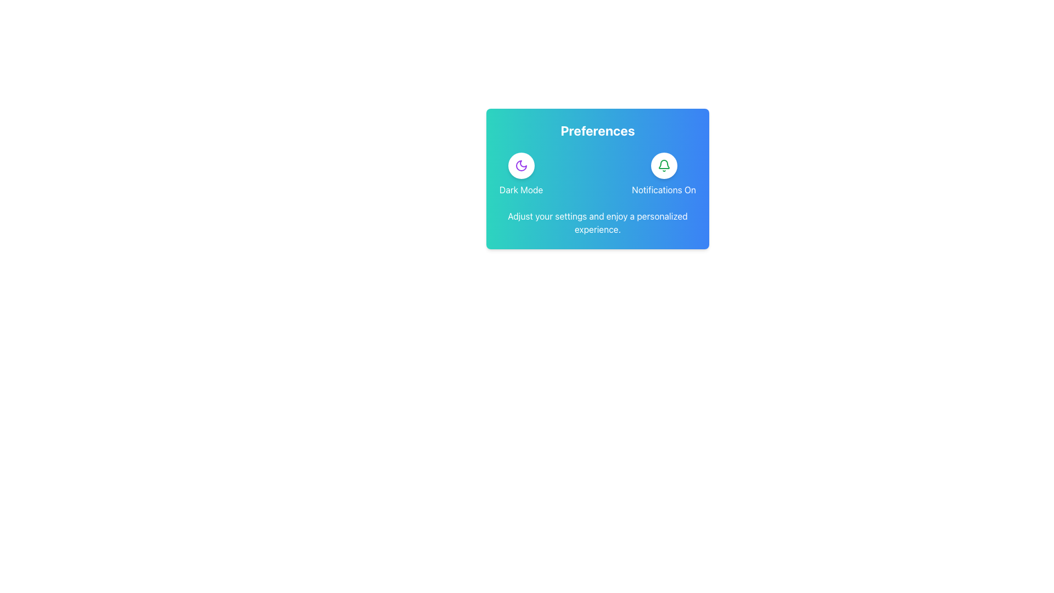 This screenshot has width=1054, height=593. What do you see at coordinates (663, 165) in the screenshot?
I see `the notification toggle button located in the 'Preferences' box, which is the second button from the left` at bounding box center [663, 165].